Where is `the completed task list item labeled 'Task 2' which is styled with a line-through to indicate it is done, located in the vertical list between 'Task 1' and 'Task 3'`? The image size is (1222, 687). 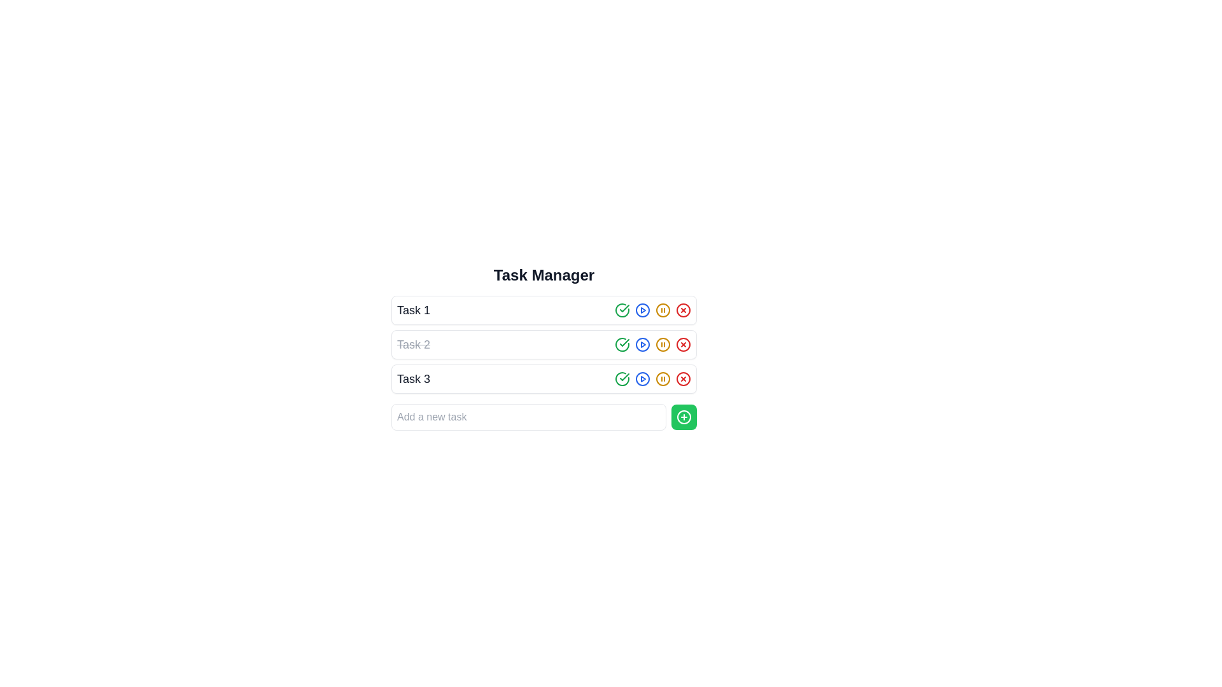
the completed task list item labeled 'Task 2' which is styled with a line-through to indicate it is done, located in the vertical list between 'Task 1' and 'Task 3' is located at coordinates (544, 345).